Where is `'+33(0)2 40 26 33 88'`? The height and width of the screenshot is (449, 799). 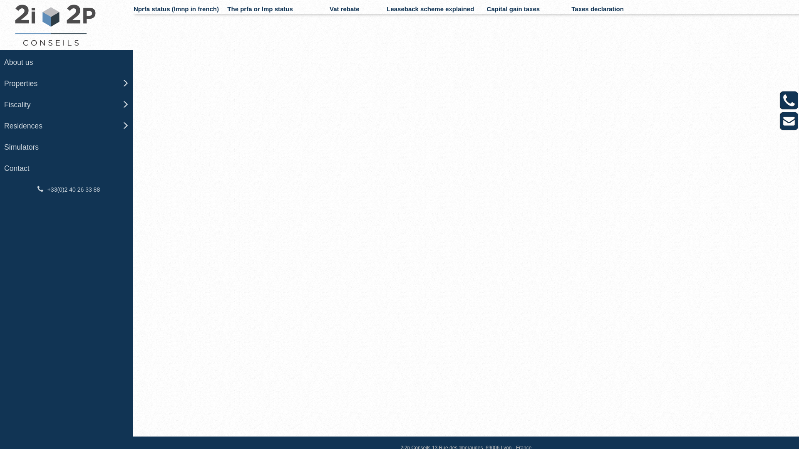
'+33(0)2 40 26 33 88' is located at coordinates (66, 189).